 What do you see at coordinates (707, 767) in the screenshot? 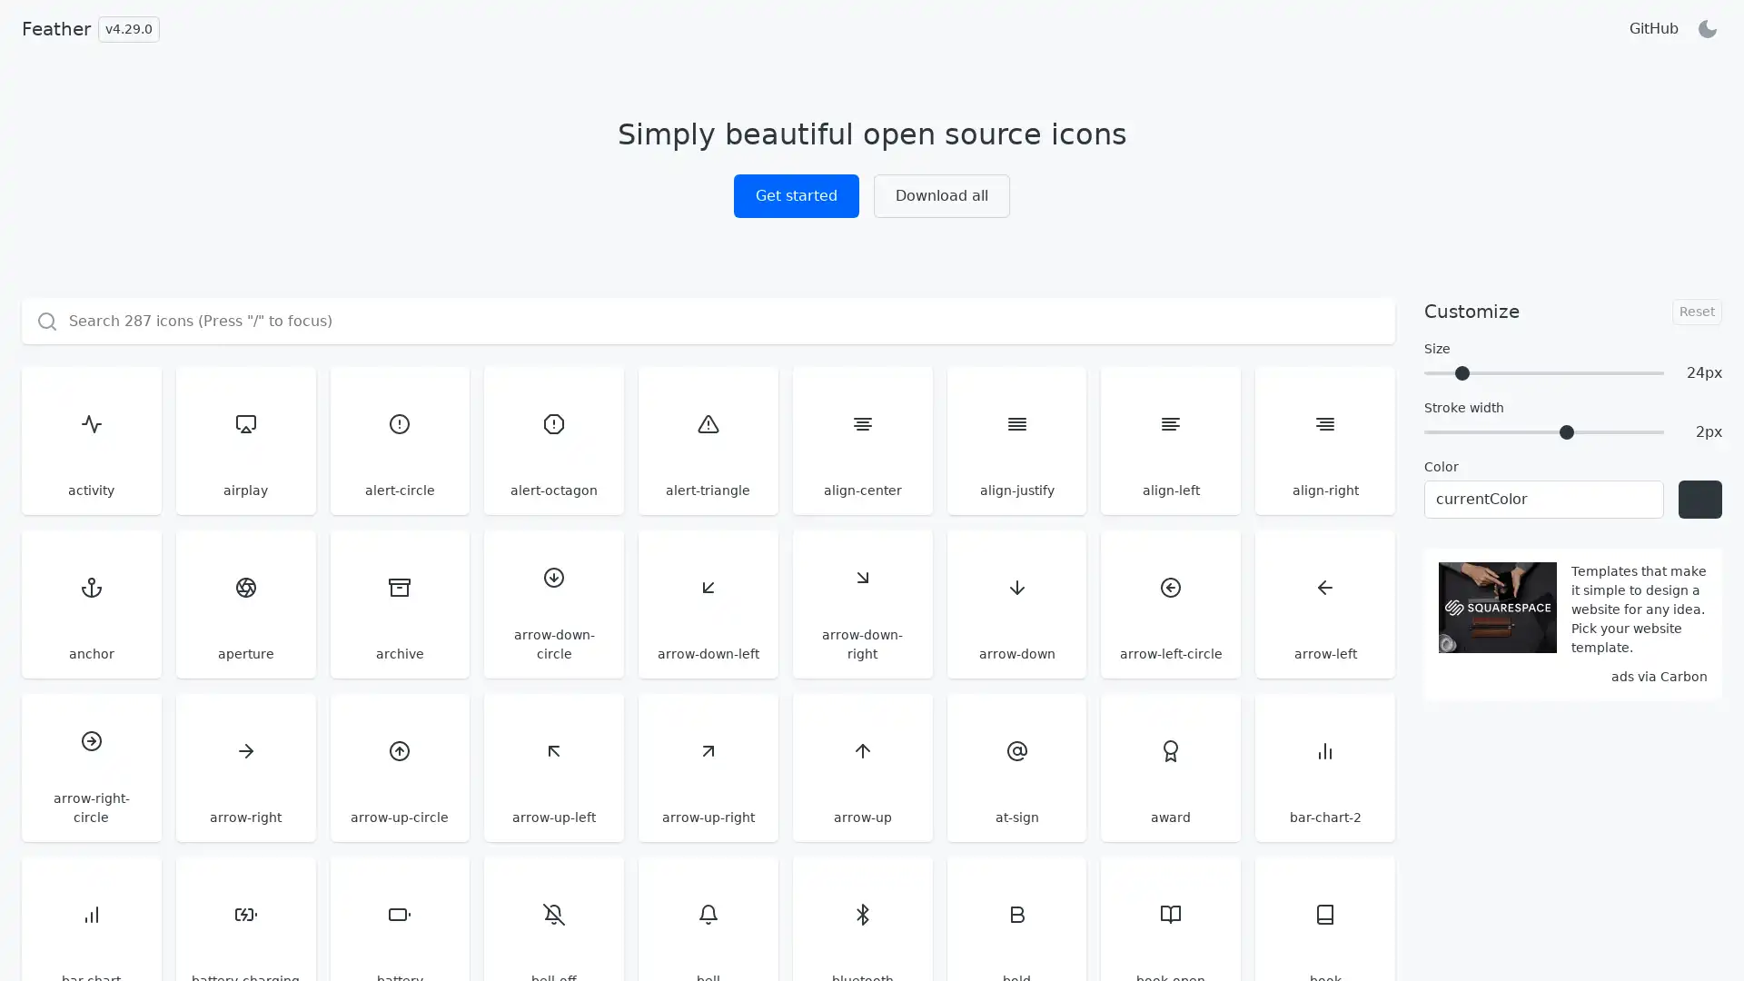
I see `arrow-up-right` at bounding box center [707, 767].